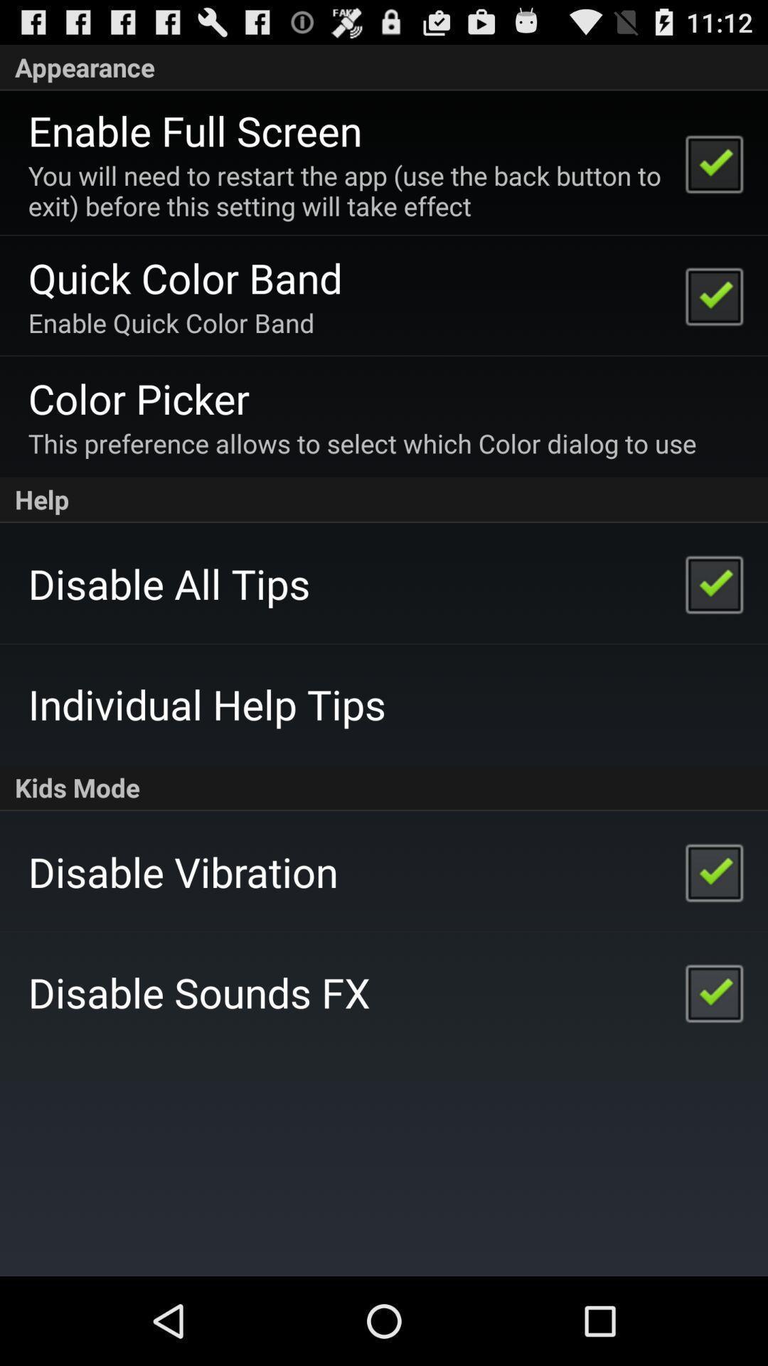 The image size is (768, 1366). What do you see at coordinates (195, 130) in the screenshot?
I see `the app below appearance` at bounding box center [195, 130].